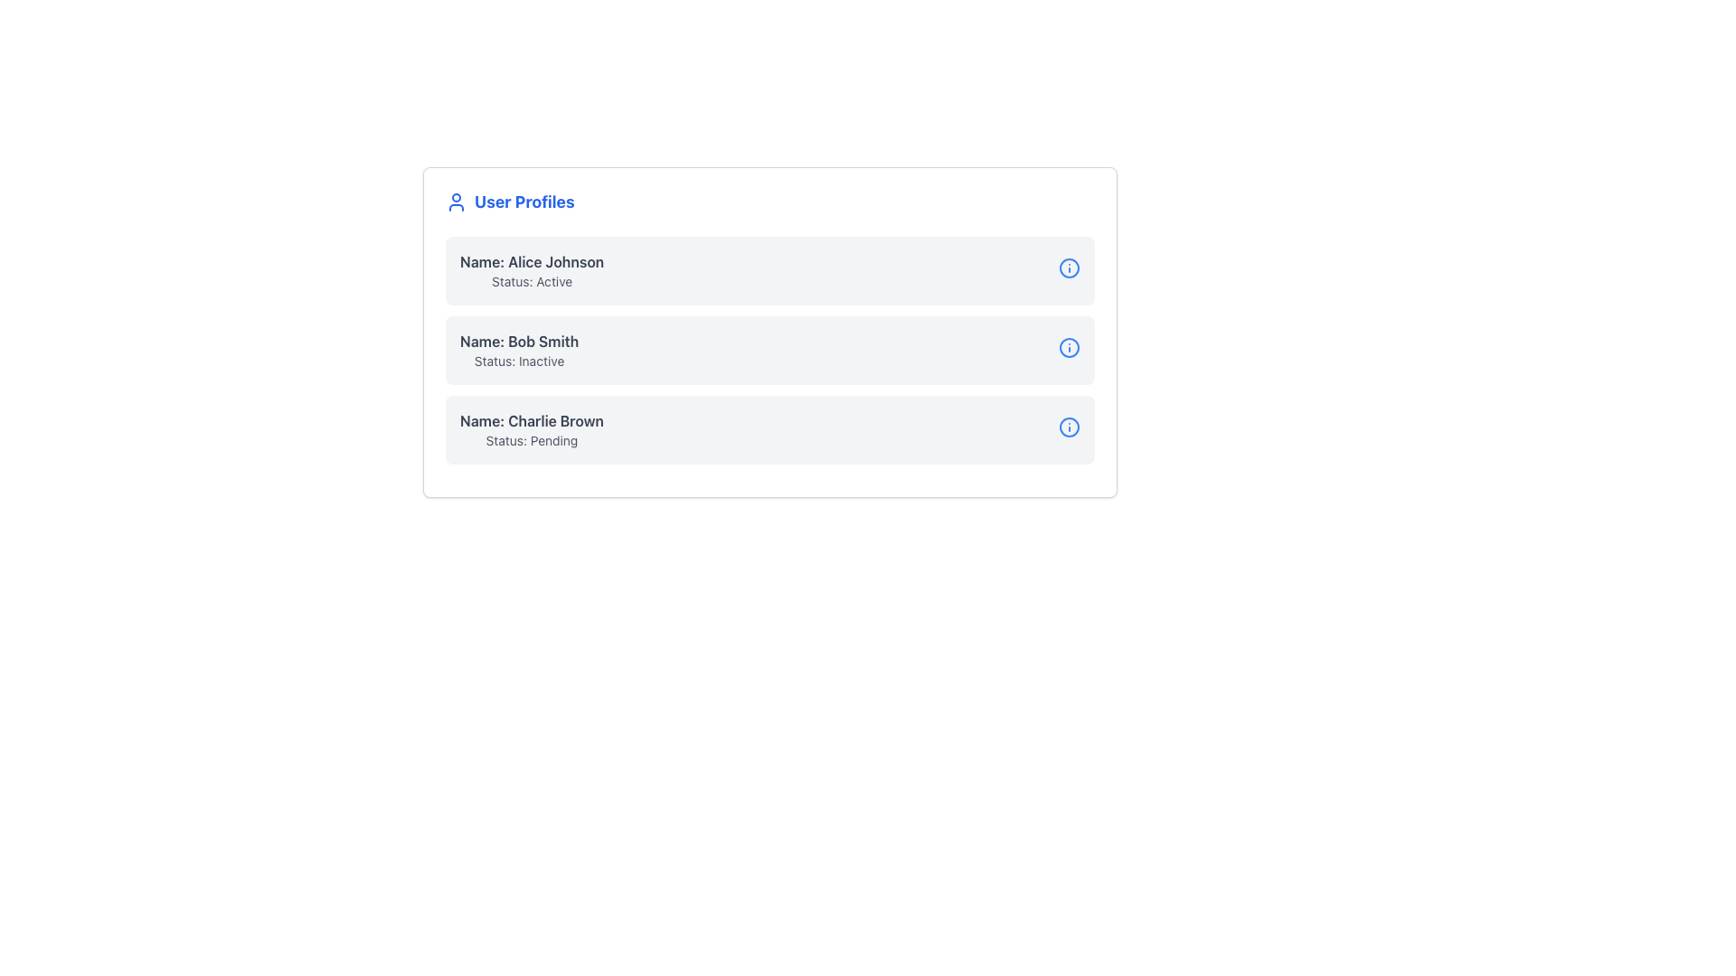 This screenshot has height=976, width=1736. I want to click on the status label displaying 'Inactive' for user 'Bob Smith' located in the second user profile card, directly below the 'Name: Bob Smith' label, so click(518, 361).